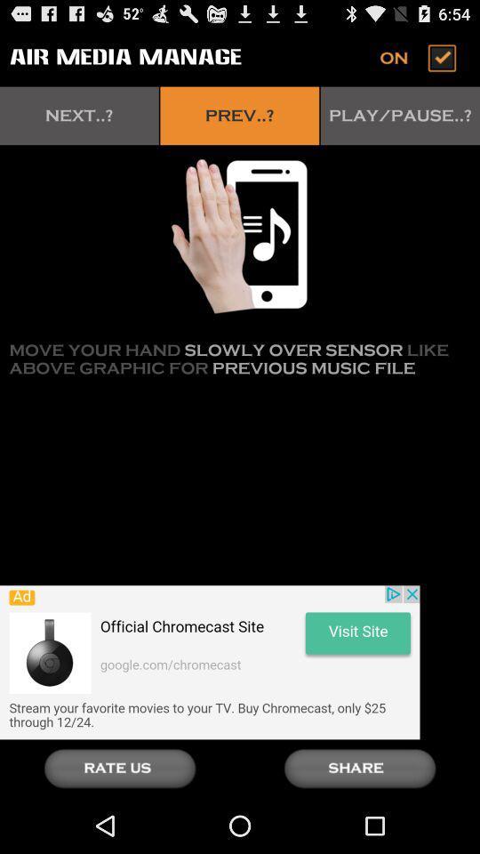 The image size is (480, 854). I want to click on share current media file, so click(360, 768).